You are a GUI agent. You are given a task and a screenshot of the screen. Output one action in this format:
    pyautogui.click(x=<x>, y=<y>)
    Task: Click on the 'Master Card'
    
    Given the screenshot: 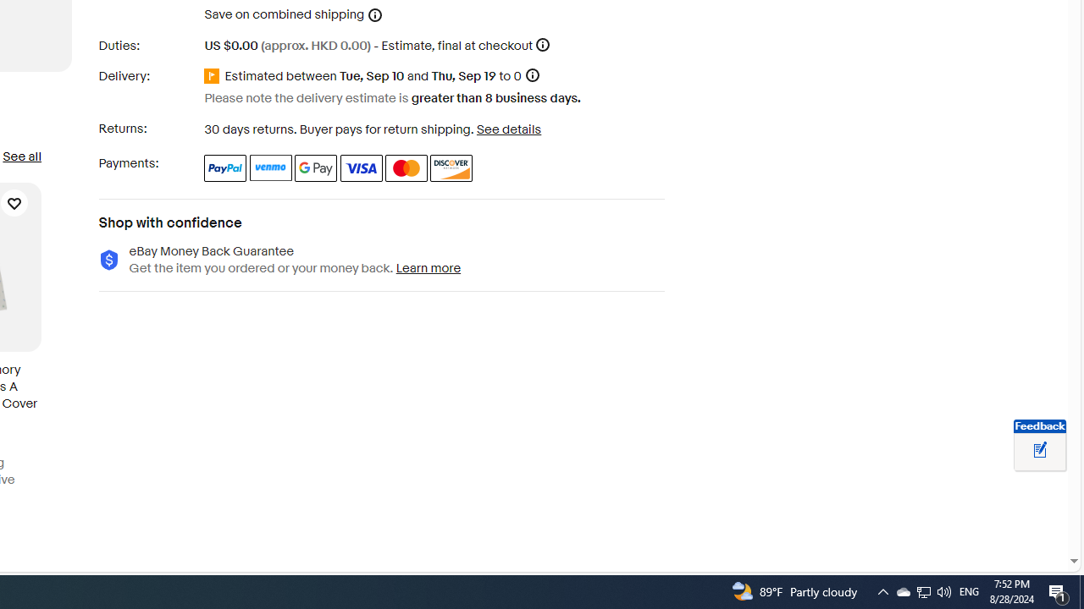 What is the action you would take?
    pyautogui.click(x=406, y=167)
    